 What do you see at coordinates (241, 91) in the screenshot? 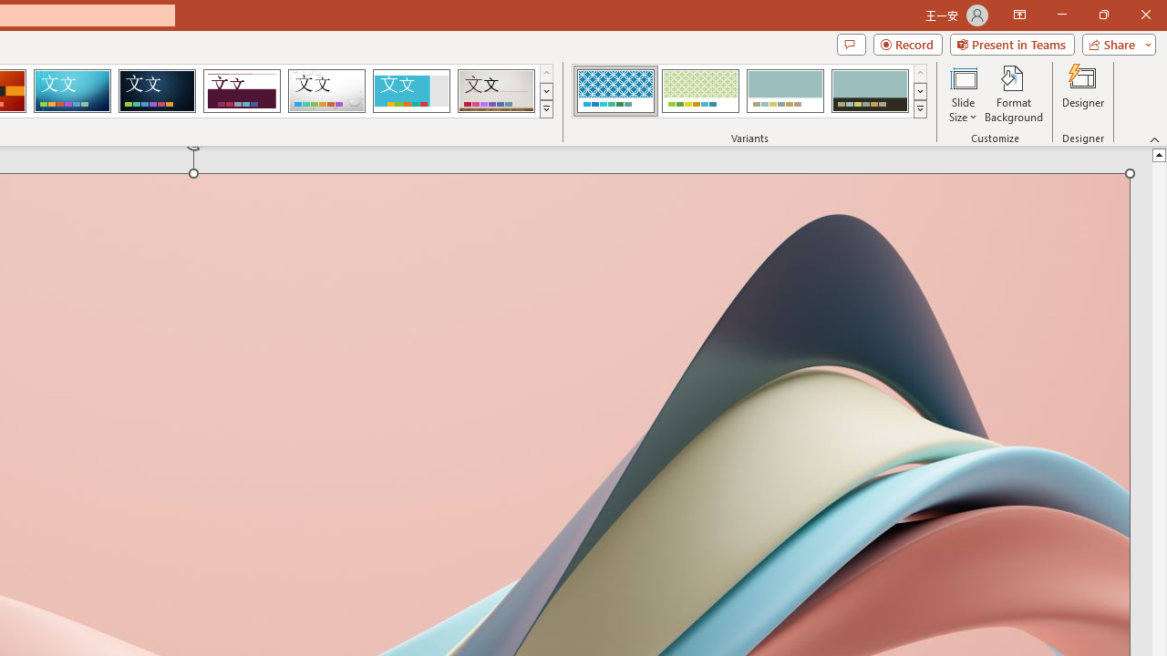
I see `'Dividend'` at bounding box center [241, 91].